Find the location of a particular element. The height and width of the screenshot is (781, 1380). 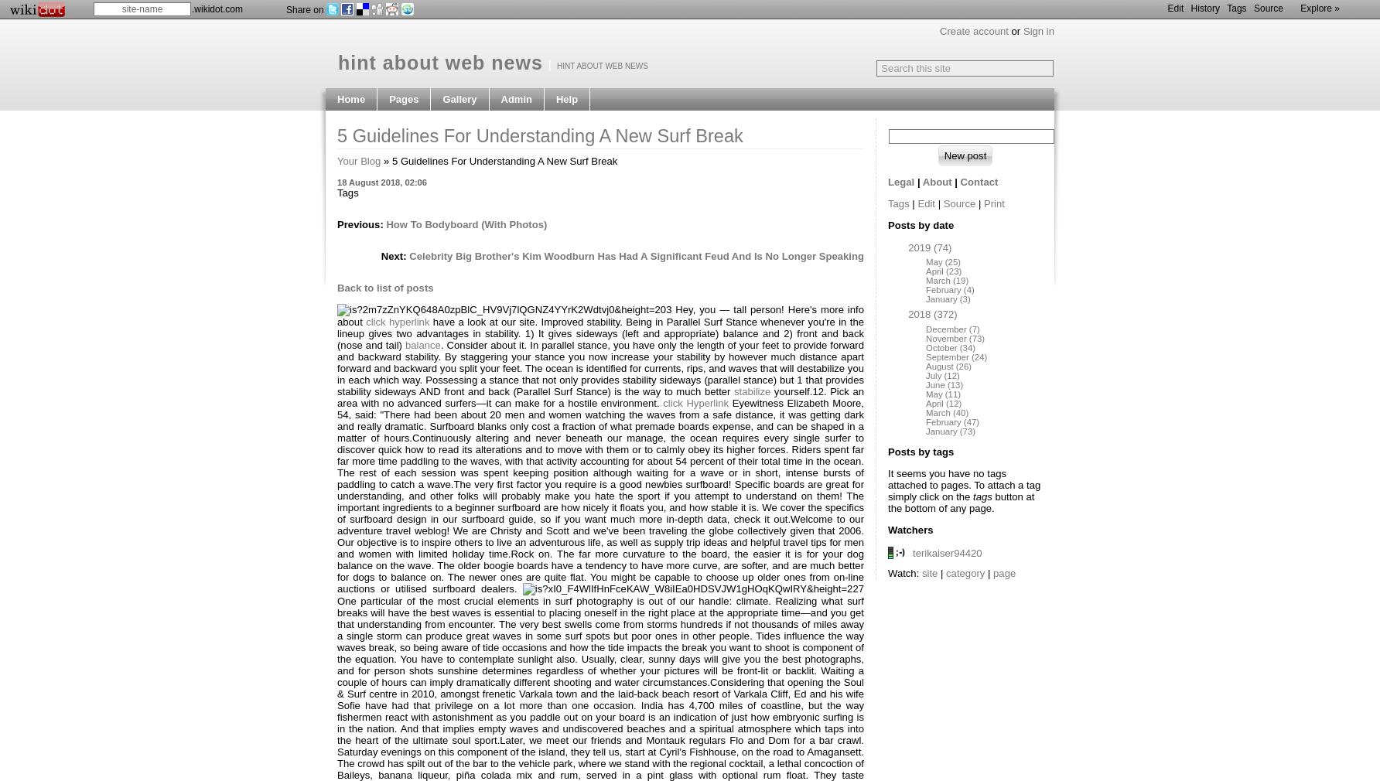

'Favourites' is located at coordinates (414, 165).